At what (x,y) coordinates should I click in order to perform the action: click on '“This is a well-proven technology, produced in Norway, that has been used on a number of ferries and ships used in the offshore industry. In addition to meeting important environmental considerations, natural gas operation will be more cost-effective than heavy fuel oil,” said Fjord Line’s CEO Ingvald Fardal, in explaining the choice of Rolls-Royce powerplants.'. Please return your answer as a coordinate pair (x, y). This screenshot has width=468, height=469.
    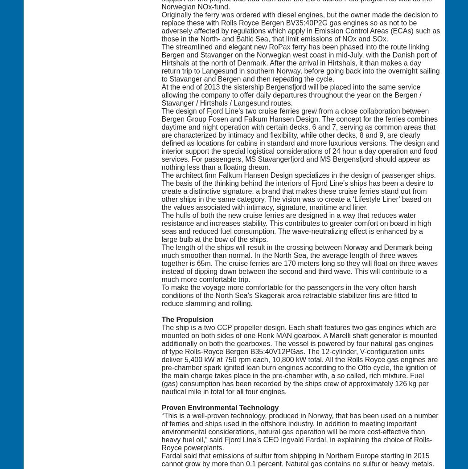
    Looking at the image, I should click on (299, 431).